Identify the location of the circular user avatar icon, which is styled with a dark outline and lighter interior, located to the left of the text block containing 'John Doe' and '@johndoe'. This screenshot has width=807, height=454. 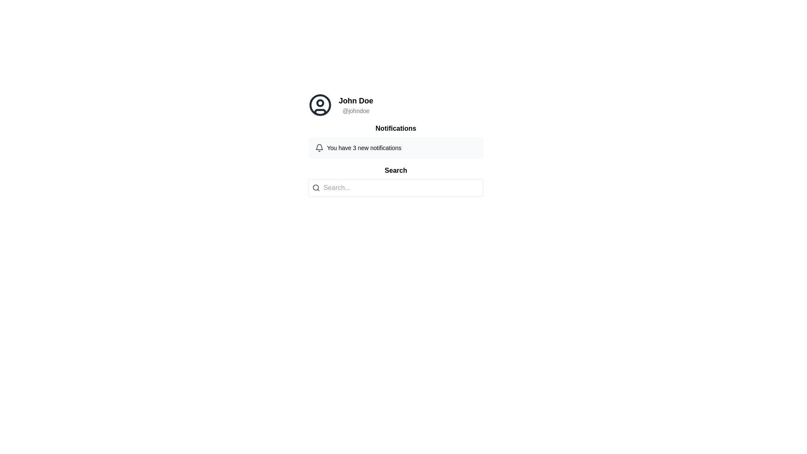
(320, 105).